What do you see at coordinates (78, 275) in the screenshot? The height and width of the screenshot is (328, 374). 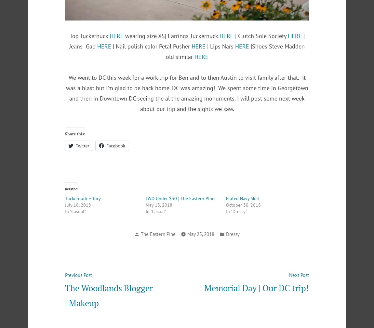 I see `'Previous Post'` at bounding box center [78, 275].